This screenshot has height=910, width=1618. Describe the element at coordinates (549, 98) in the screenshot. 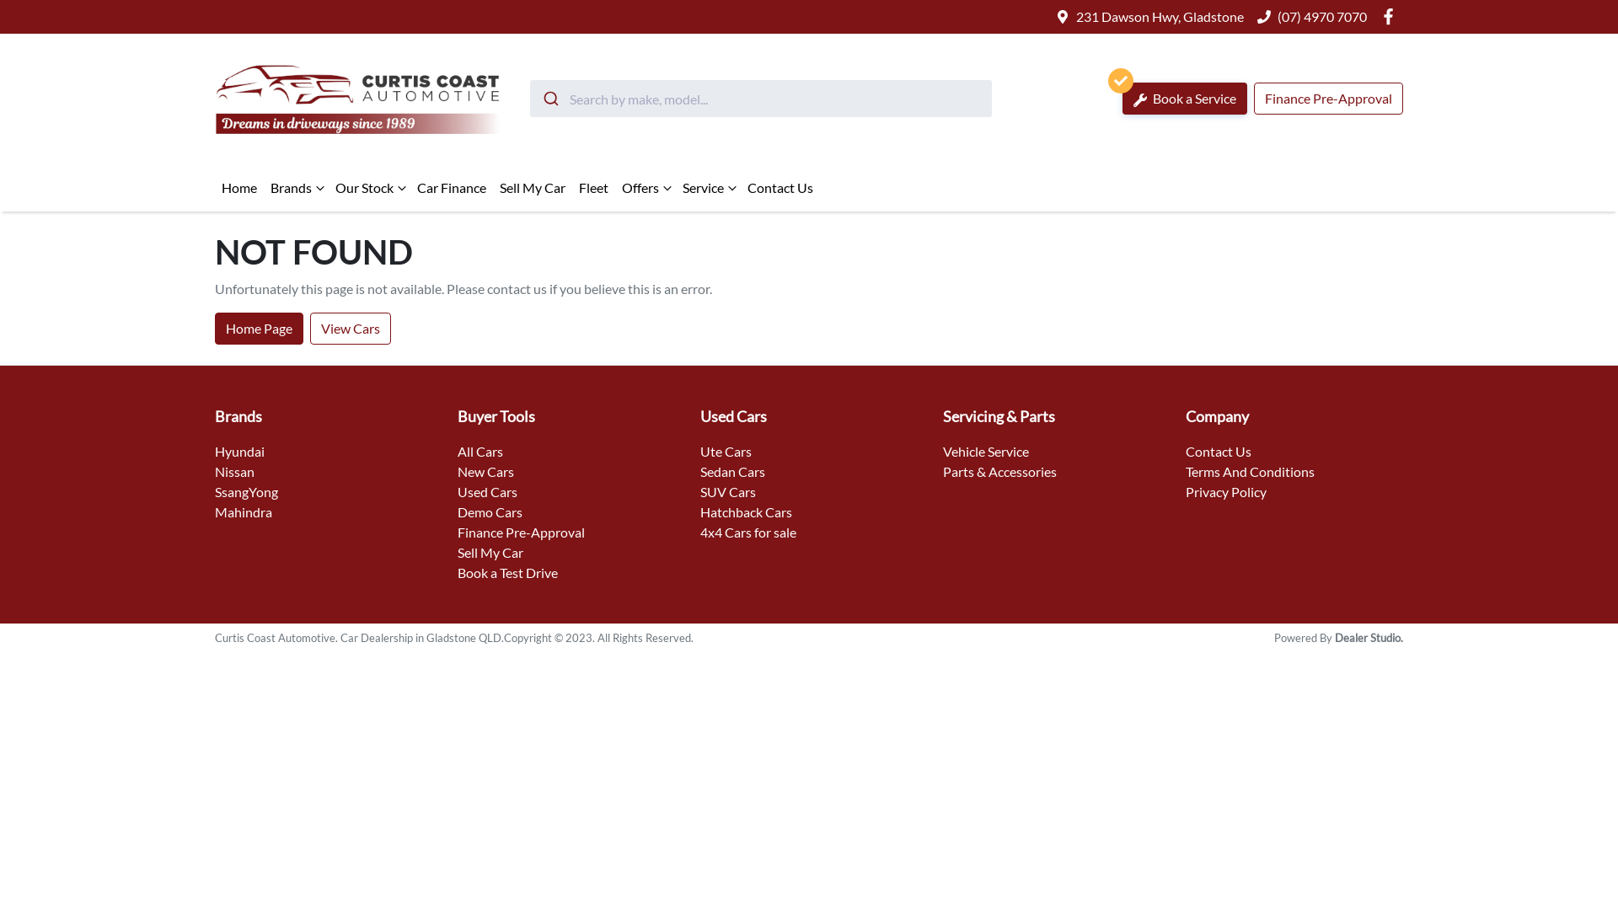

I see `'Submit'` at that location.